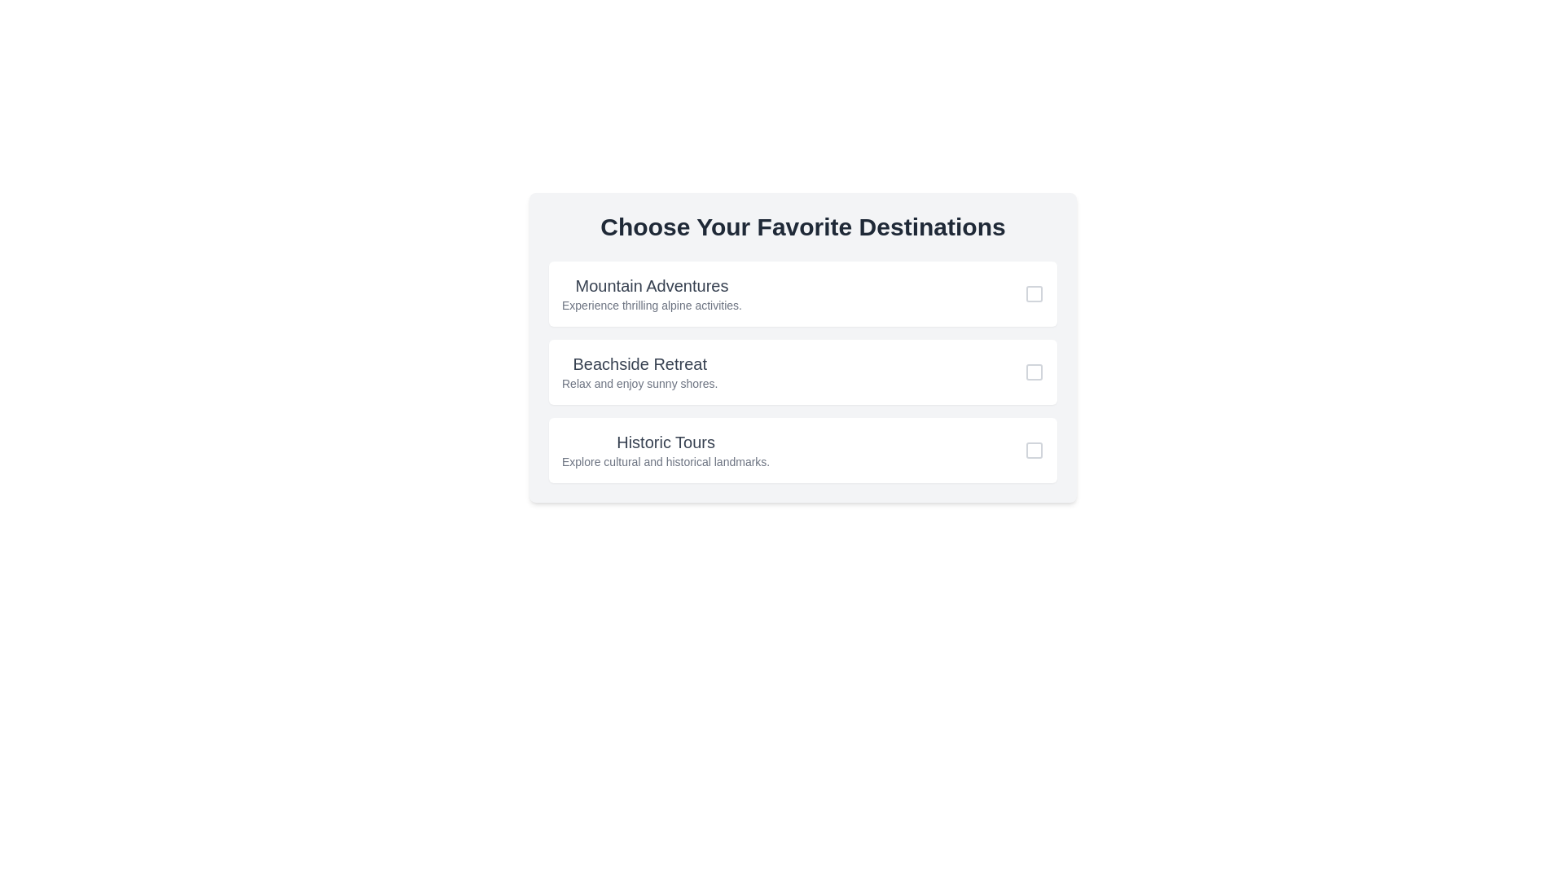 This screenshot has height=880, width=1564. I want to click on the static text label displaying the title of the second selectable option in the list of destinations, positioned near the top-middle of the second box, so click(639, 363).